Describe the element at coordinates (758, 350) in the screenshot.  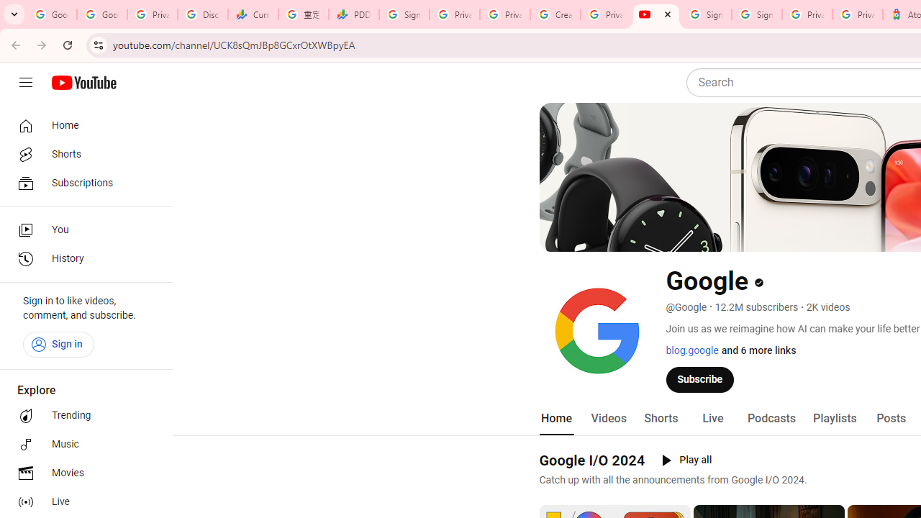
I see `'and 6 more links'` at that location.